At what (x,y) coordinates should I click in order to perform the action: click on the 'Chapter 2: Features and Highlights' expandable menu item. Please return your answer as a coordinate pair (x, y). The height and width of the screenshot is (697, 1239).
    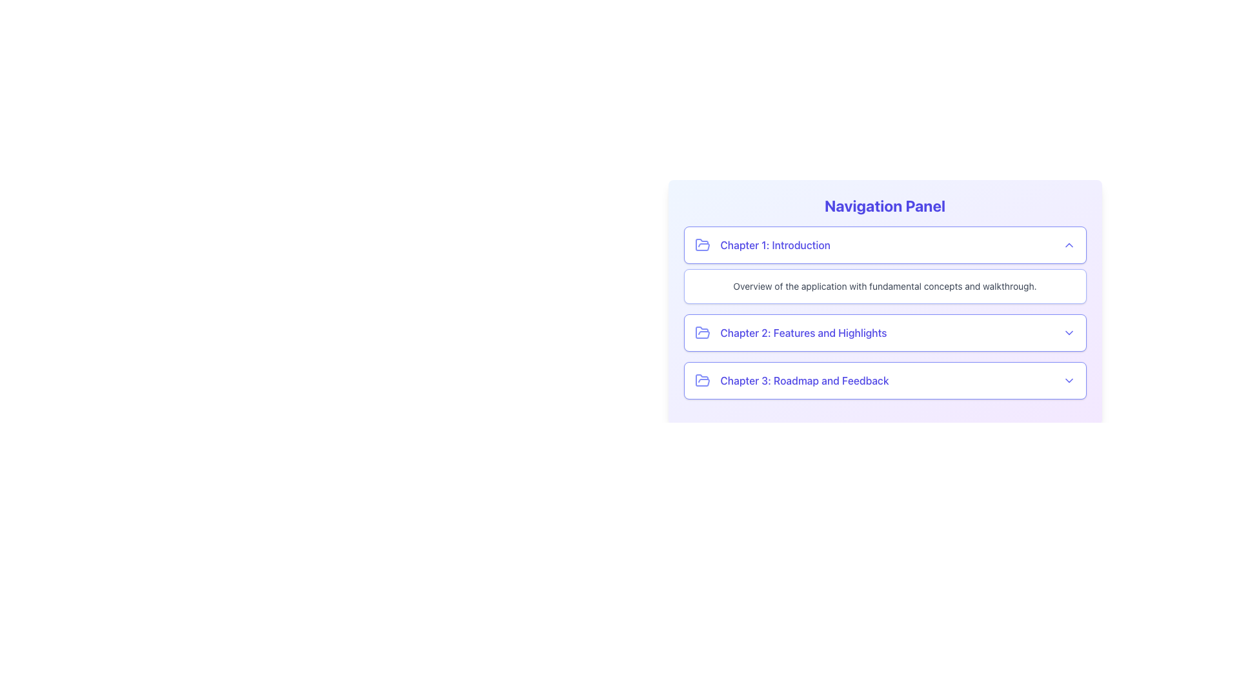
    Looking at the image, I should click on (884, 332).